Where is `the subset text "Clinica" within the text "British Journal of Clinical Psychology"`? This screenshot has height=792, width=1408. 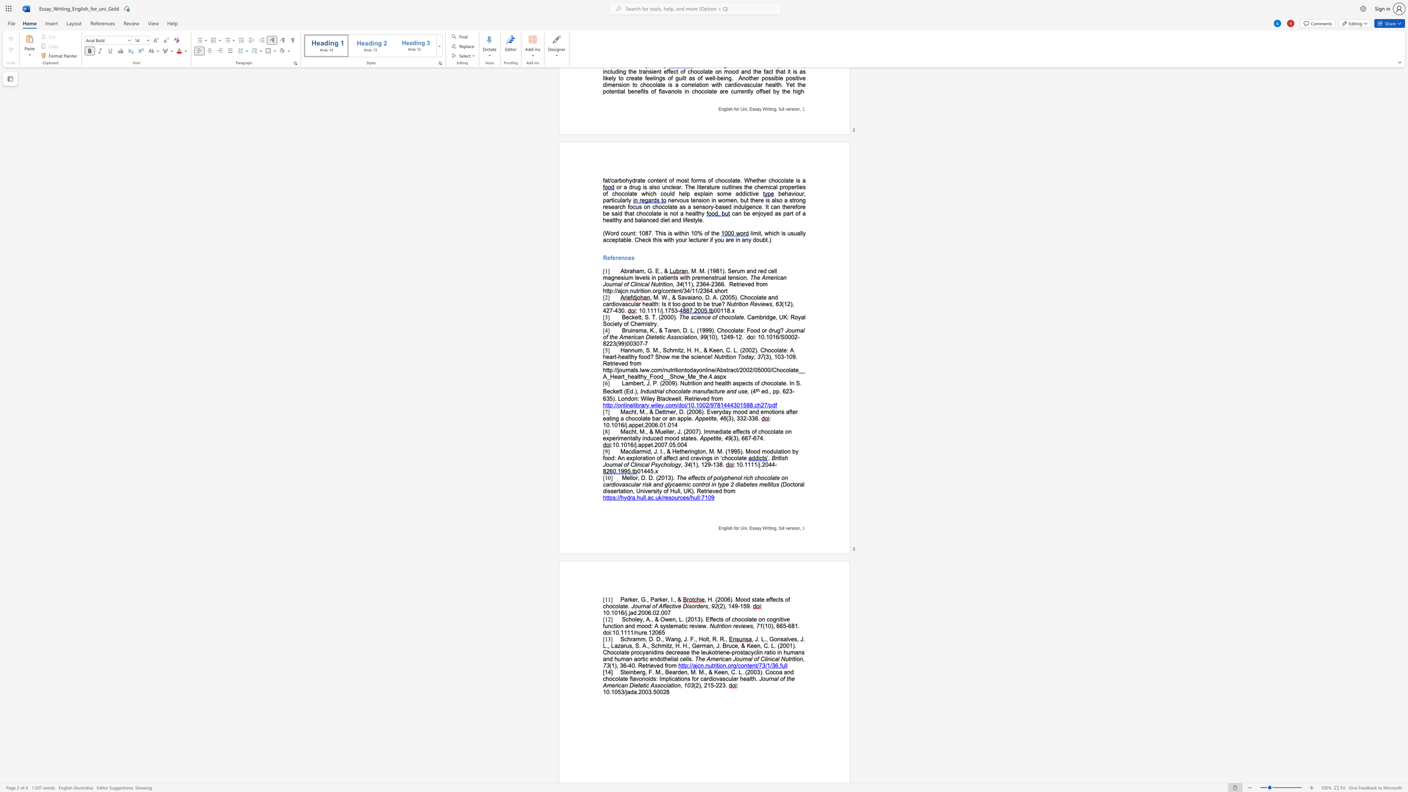 the subset text "Clinica" within the text "British Journal of Clinical Psychology" is located at coordinates (630, 465).